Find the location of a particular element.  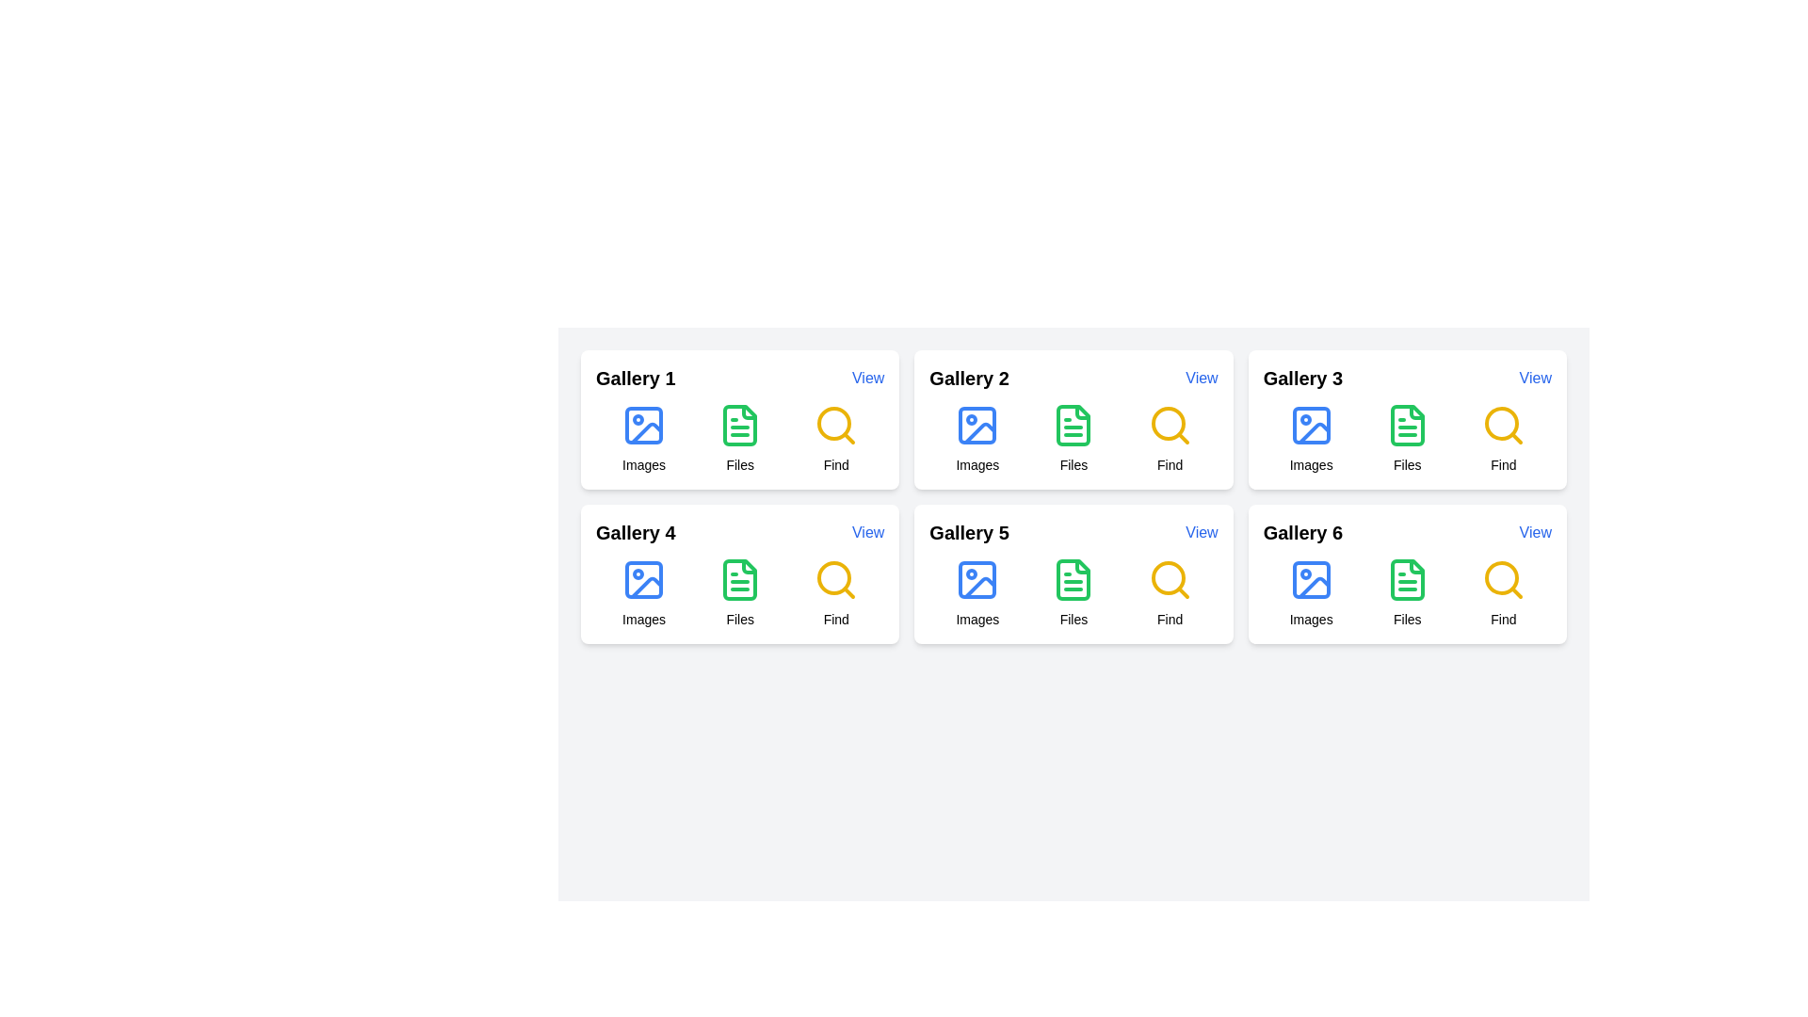

label displaying the word 'Files', which is styled in a smaller font size and centrally aligned, located below the document icon in the 'Gallery 5' section is located at coordinates (1073, 620).